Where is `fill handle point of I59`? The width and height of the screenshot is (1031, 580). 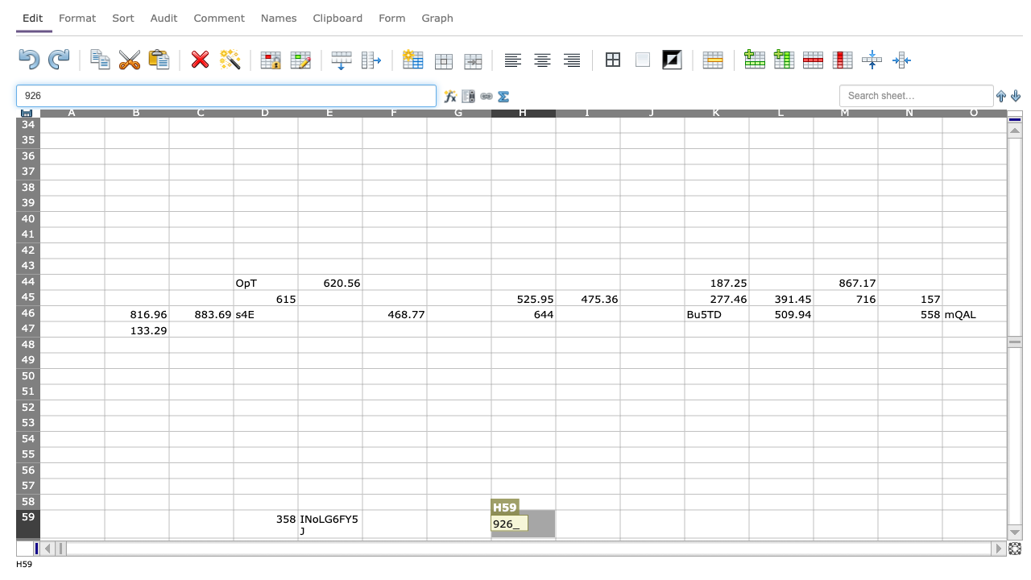
fill handle point of I59 is located at coordinates (619, 538).